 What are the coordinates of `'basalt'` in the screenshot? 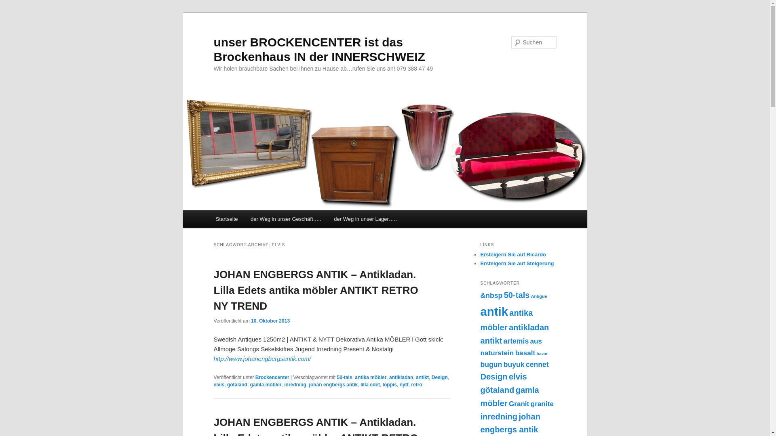 It's located at (525, 352).